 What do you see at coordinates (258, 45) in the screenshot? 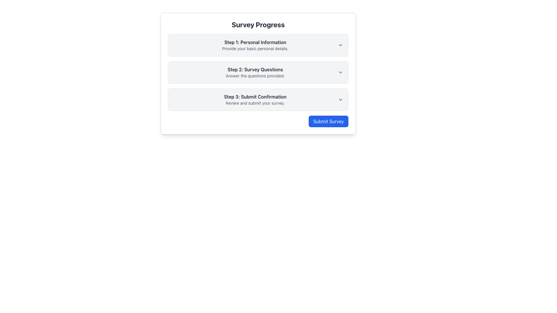
I see `the title of the Collapsible Section for 'Step 1: Personal Information'` at bounding box center [258, 45].